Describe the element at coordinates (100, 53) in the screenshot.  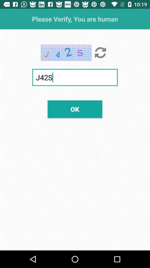
I see `the item at the top right corner` at that location.